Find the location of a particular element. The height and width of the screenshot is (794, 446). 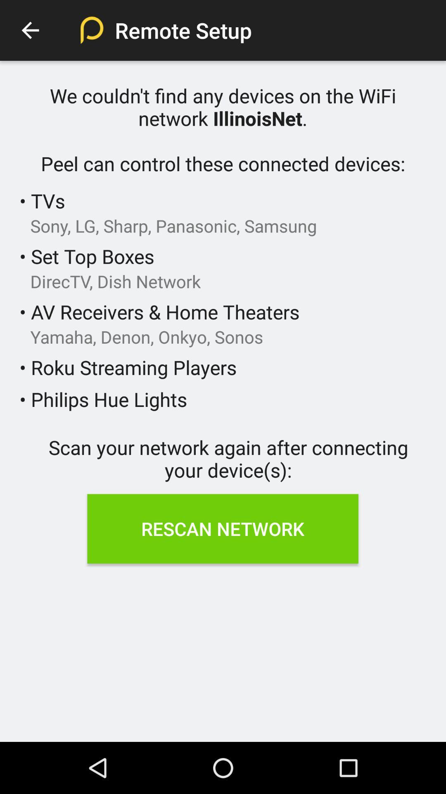

the item below scan your network icon is located at coordinates (222, 528).